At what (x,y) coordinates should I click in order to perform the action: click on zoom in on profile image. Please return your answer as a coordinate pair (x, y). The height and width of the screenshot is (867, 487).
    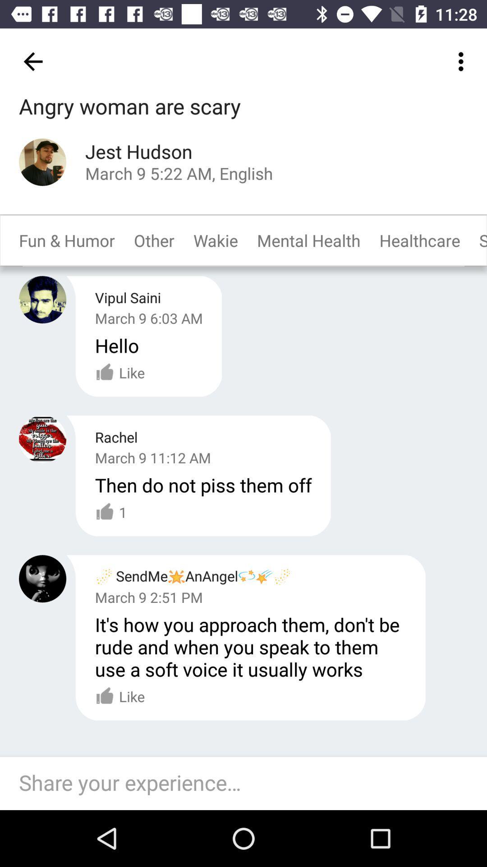
    Looking at the image, I should click on (42, 162).